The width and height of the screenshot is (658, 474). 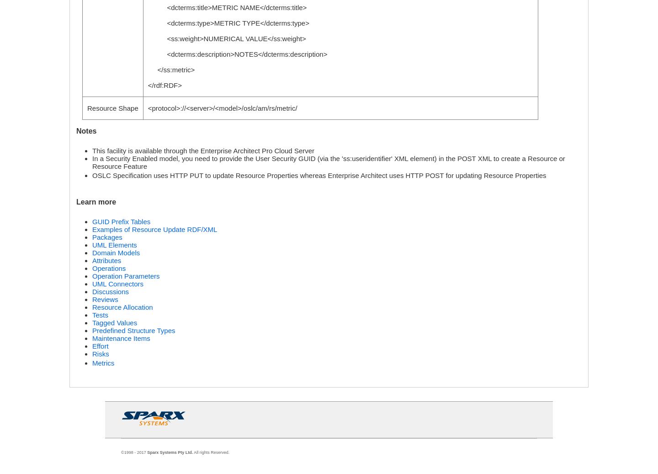 What do you see at coordinates (100, 346) in the screenshot?
I see `'Effort'` at bounding box center [100, 346].